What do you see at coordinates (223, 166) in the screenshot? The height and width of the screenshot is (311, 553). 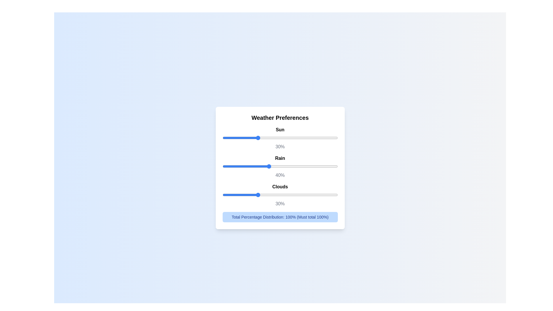 I see `the 'Rain' slider to 1%` at bounding box center [223, 166].